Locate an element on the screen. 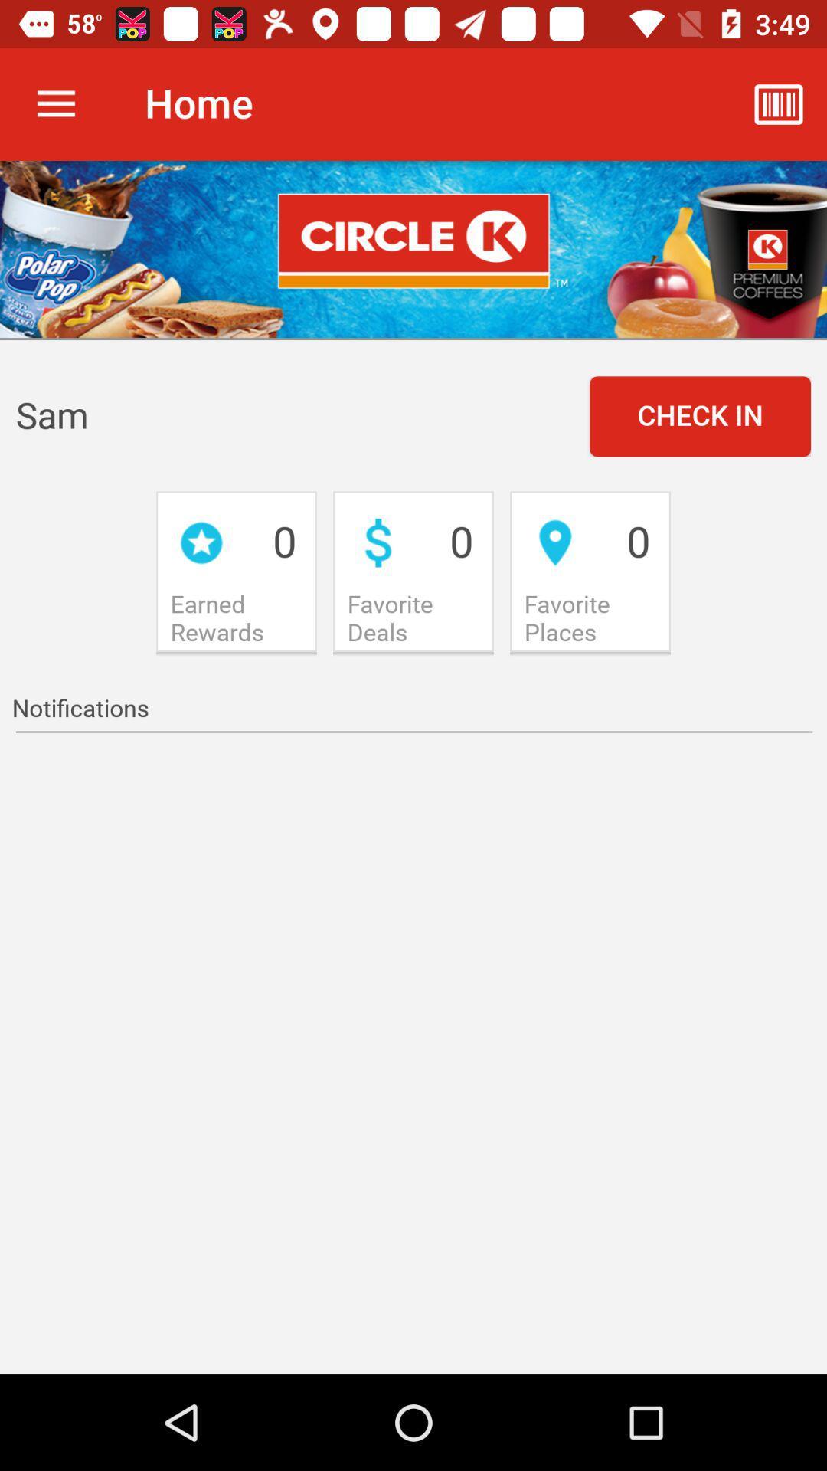 The width and height of the screenshot is (827, 1471). the icon which is at top right side of the page is located at coordinates (779, 104).